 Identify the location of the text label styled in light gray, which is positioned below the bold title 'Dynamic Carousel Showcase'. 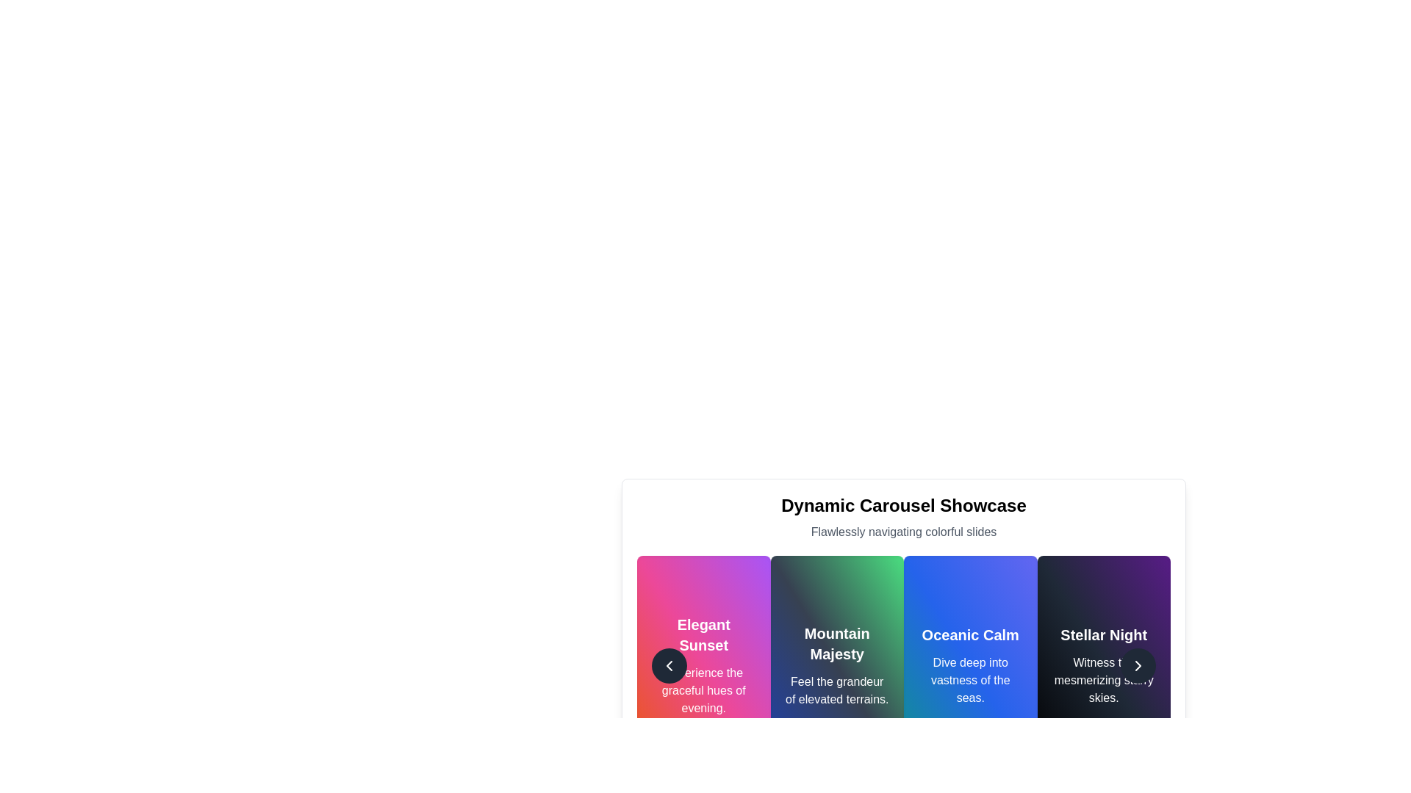
(902, 532).